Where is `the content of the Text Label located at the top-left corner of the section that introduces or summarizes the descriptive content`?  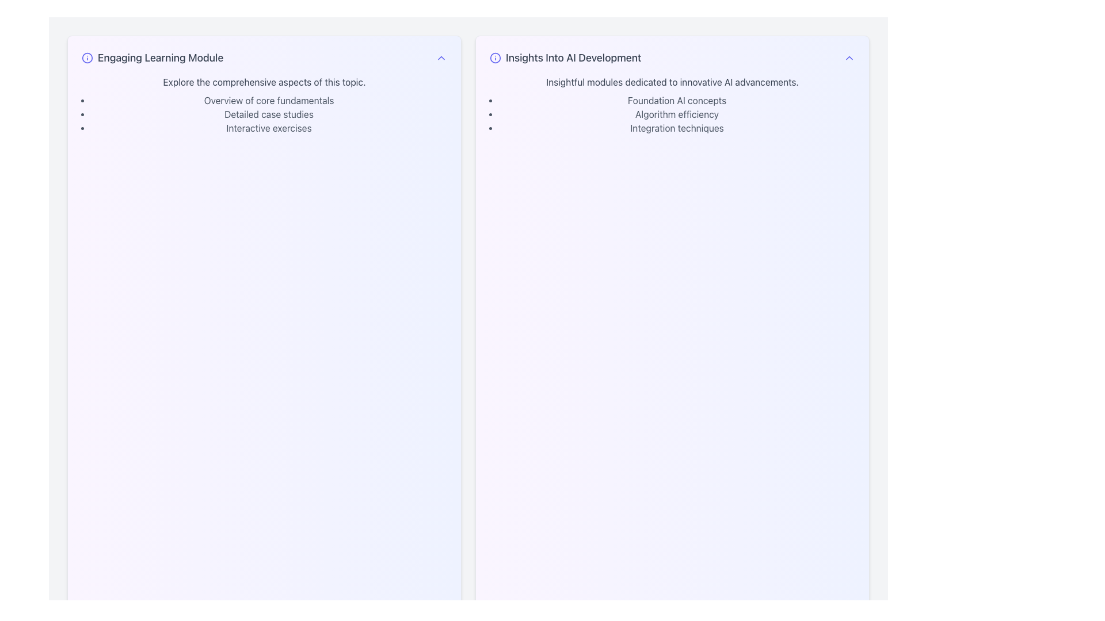
the content of the Text Label located at the top-left corner of the section that introduces or summarizes the descriptive content is located at coordinates (152, 57).